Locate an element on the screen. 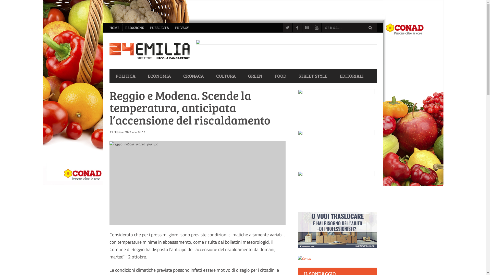  'POLITICA' is located at coordinates (109, 76).